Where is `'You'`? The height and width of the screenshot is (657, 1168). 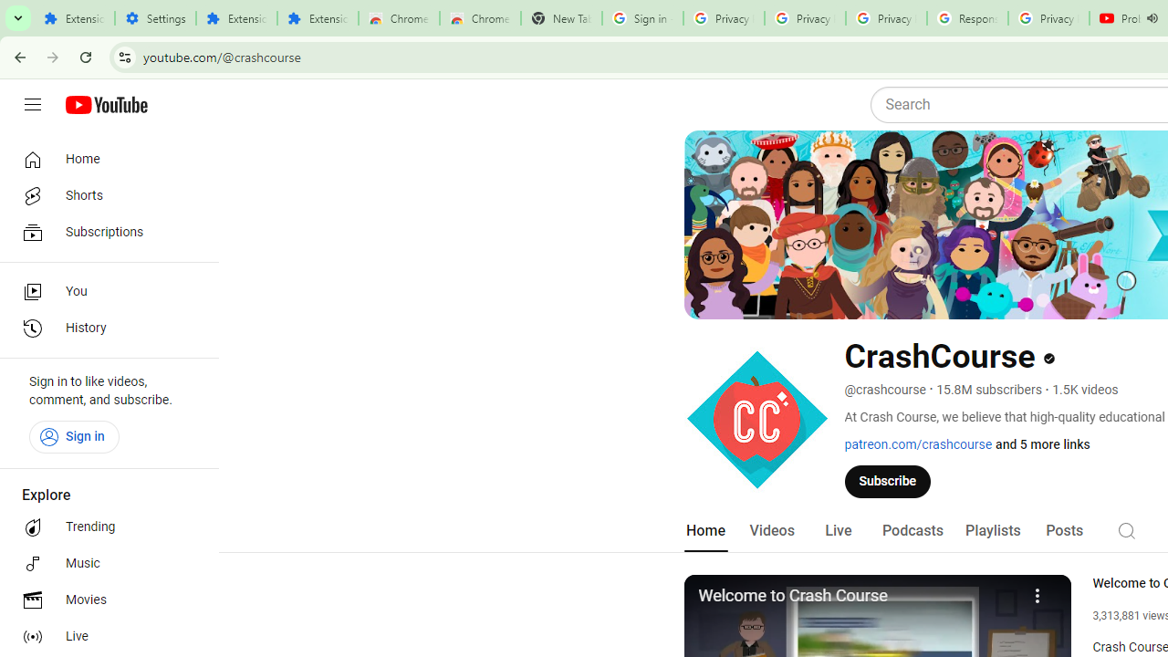 'You' is located at coordinates (102, 291).